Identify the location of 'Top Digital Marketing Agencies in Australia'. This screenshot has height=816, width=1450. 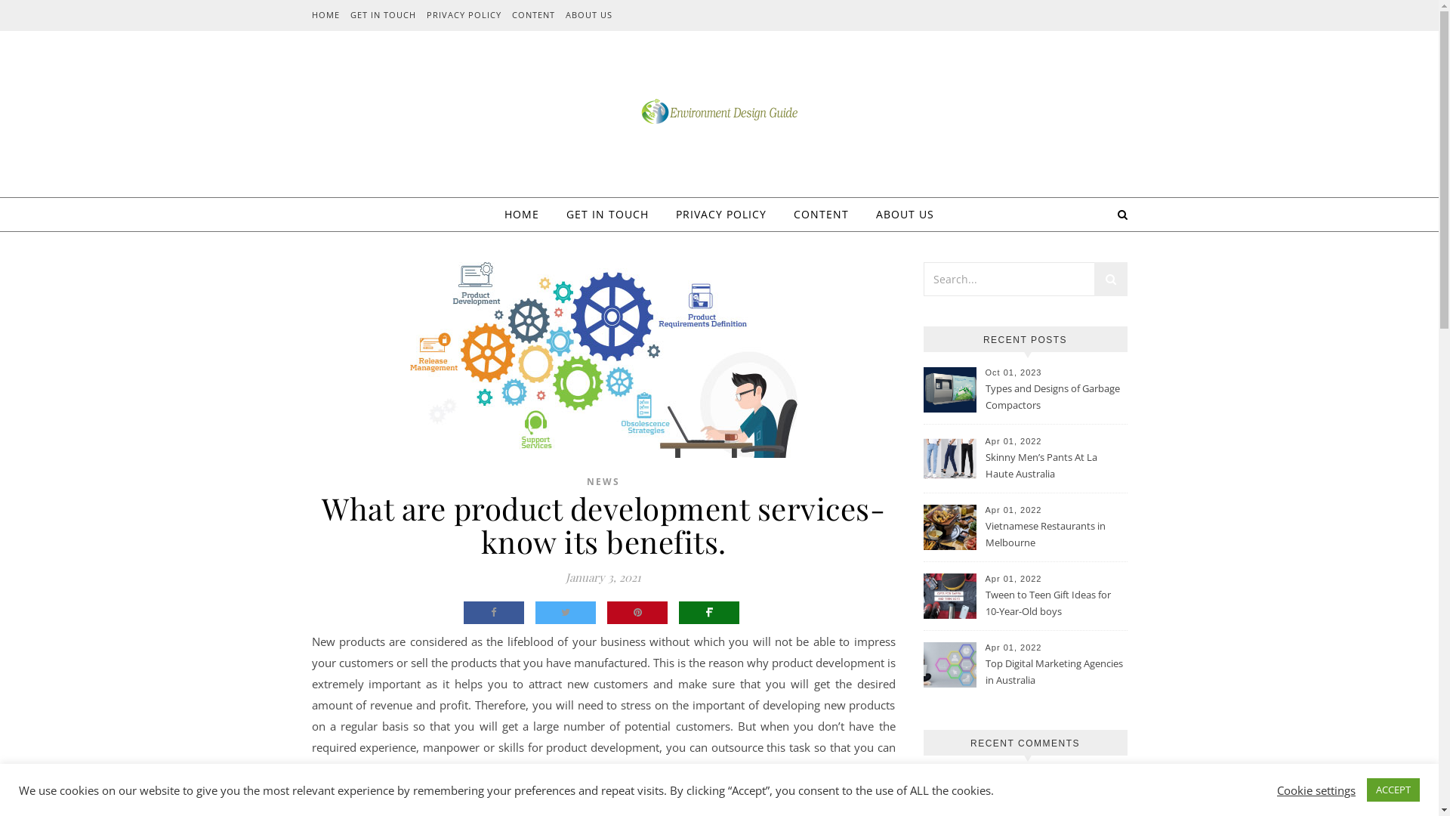
(1054, 672).